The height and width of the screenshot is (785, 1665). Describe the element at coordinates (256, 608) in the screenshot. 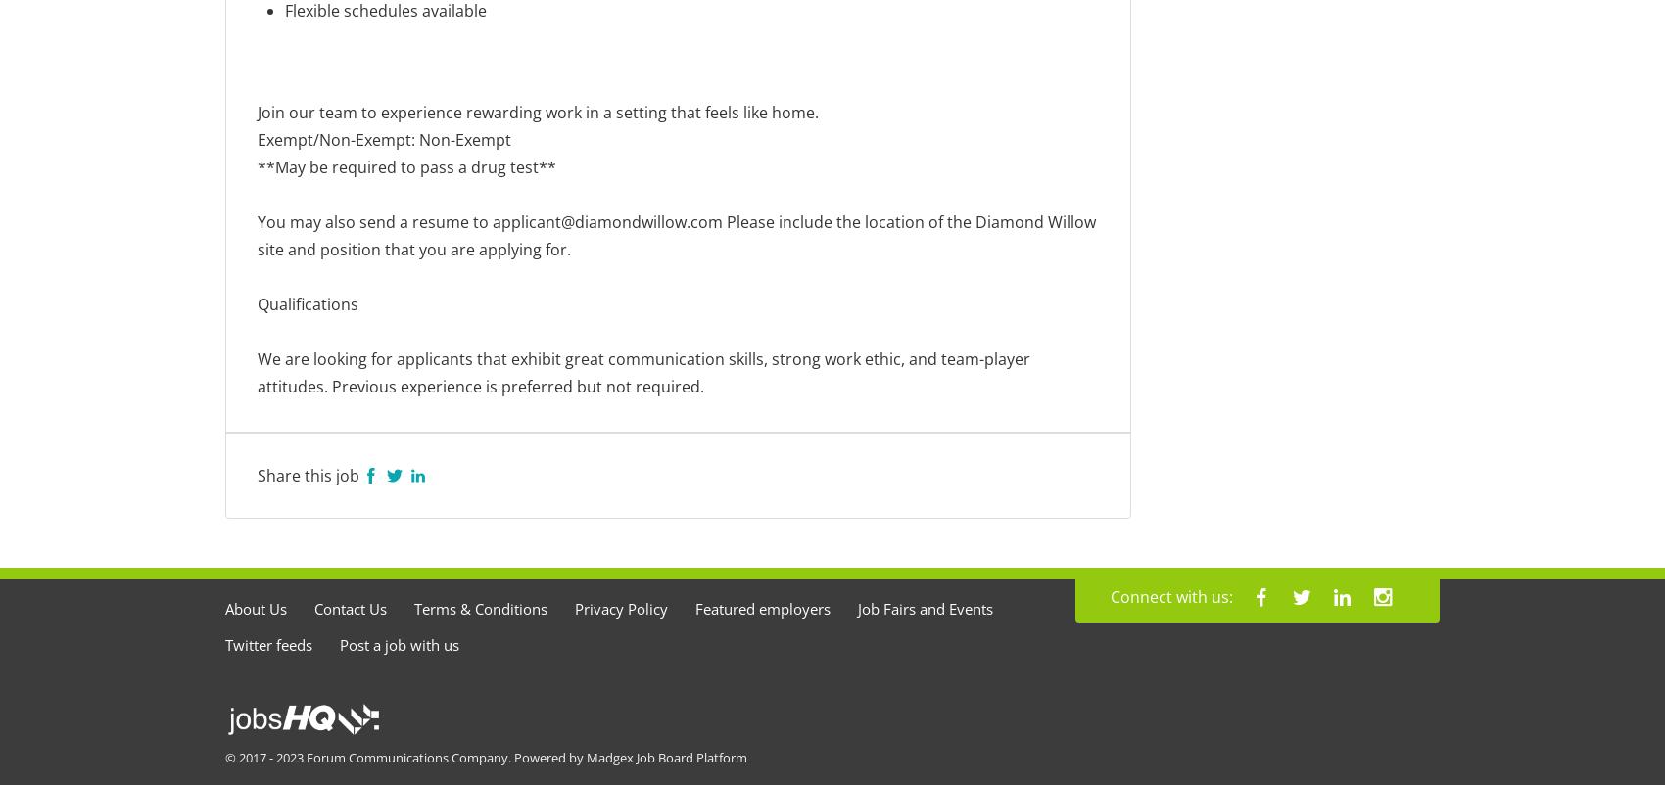

I see `'About Us'` at that location.